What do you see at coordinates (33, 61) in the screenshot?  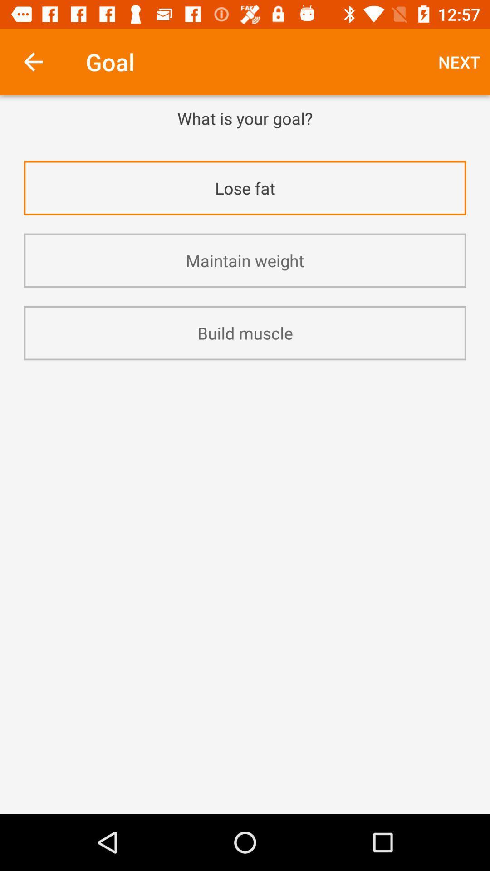 I see `the icon to the left of the goal icon` at bounding box center [33, 61].